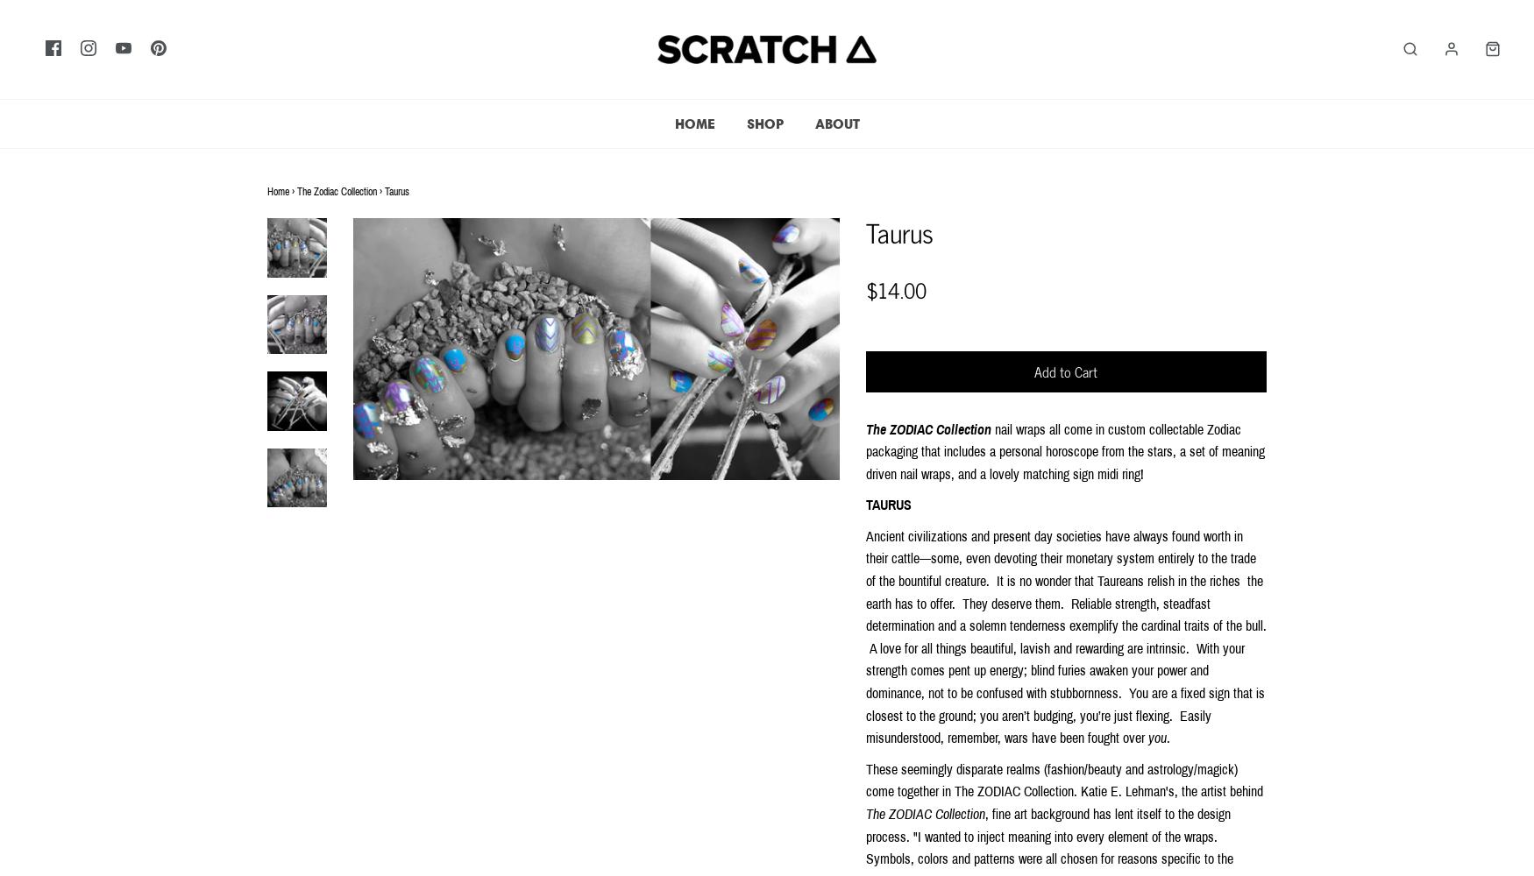 The image size is (1534, 876). What do you see at coordinates (1121, 791) in the screenshot?
I see `'Katie E. Lehman'` at bounding box center [1121, 791].